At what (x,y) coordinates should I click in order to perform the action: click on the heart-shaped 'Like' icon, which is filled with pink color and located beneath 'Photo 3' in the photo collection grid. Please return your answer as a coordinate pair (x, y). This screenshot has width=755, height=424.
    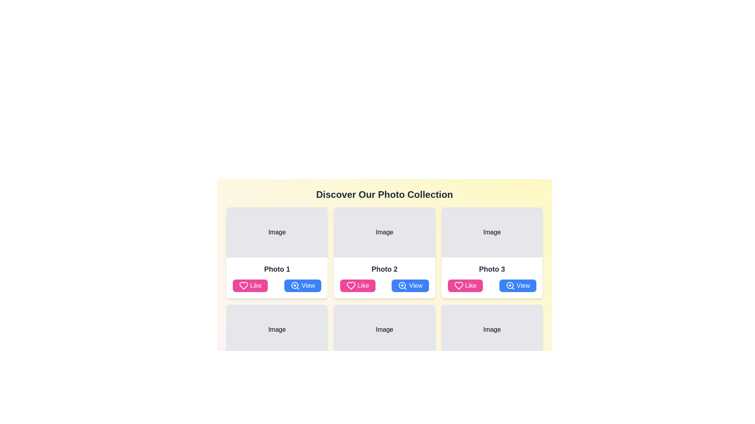
    Looking at the image, I should click on (459, 286).